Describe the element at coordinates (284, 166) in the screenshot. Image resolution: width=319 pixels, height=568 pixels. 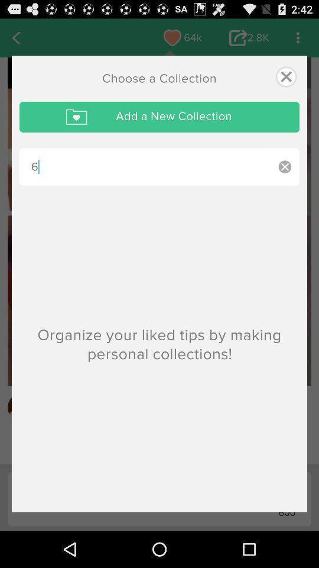
I see `item next to the 6 icon` at that location.